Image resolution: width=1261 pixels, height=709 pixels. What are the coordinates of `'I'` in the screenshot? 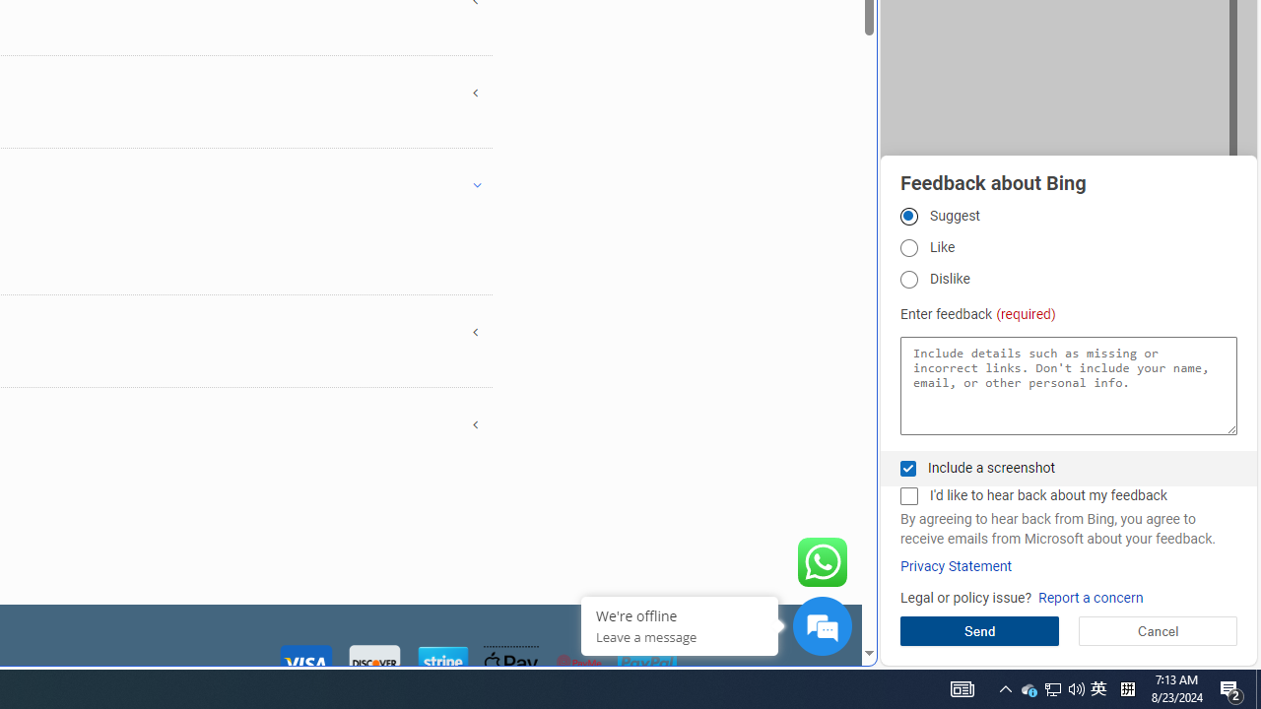 It's located at (907, 494).